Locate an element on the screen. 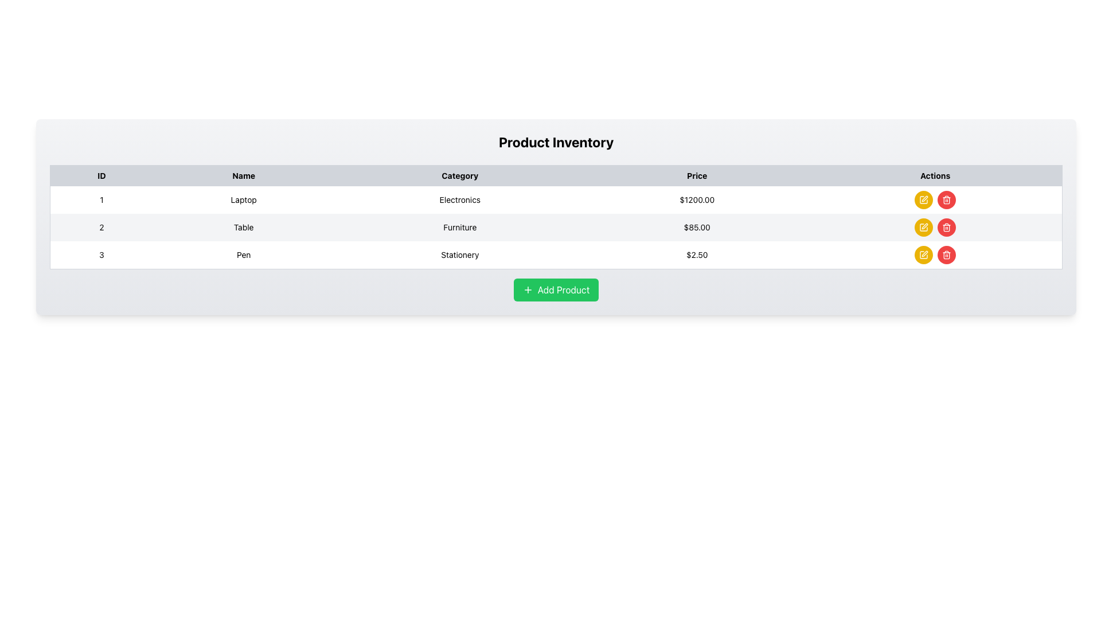 Image resolution: width=1101 pixels, height=619 pixels. the Text Display element that shows the product category in the first row of the table, located under the 'Category' header, between 'Laptop' and '$1200.00' is located at coordinates (460, 199).